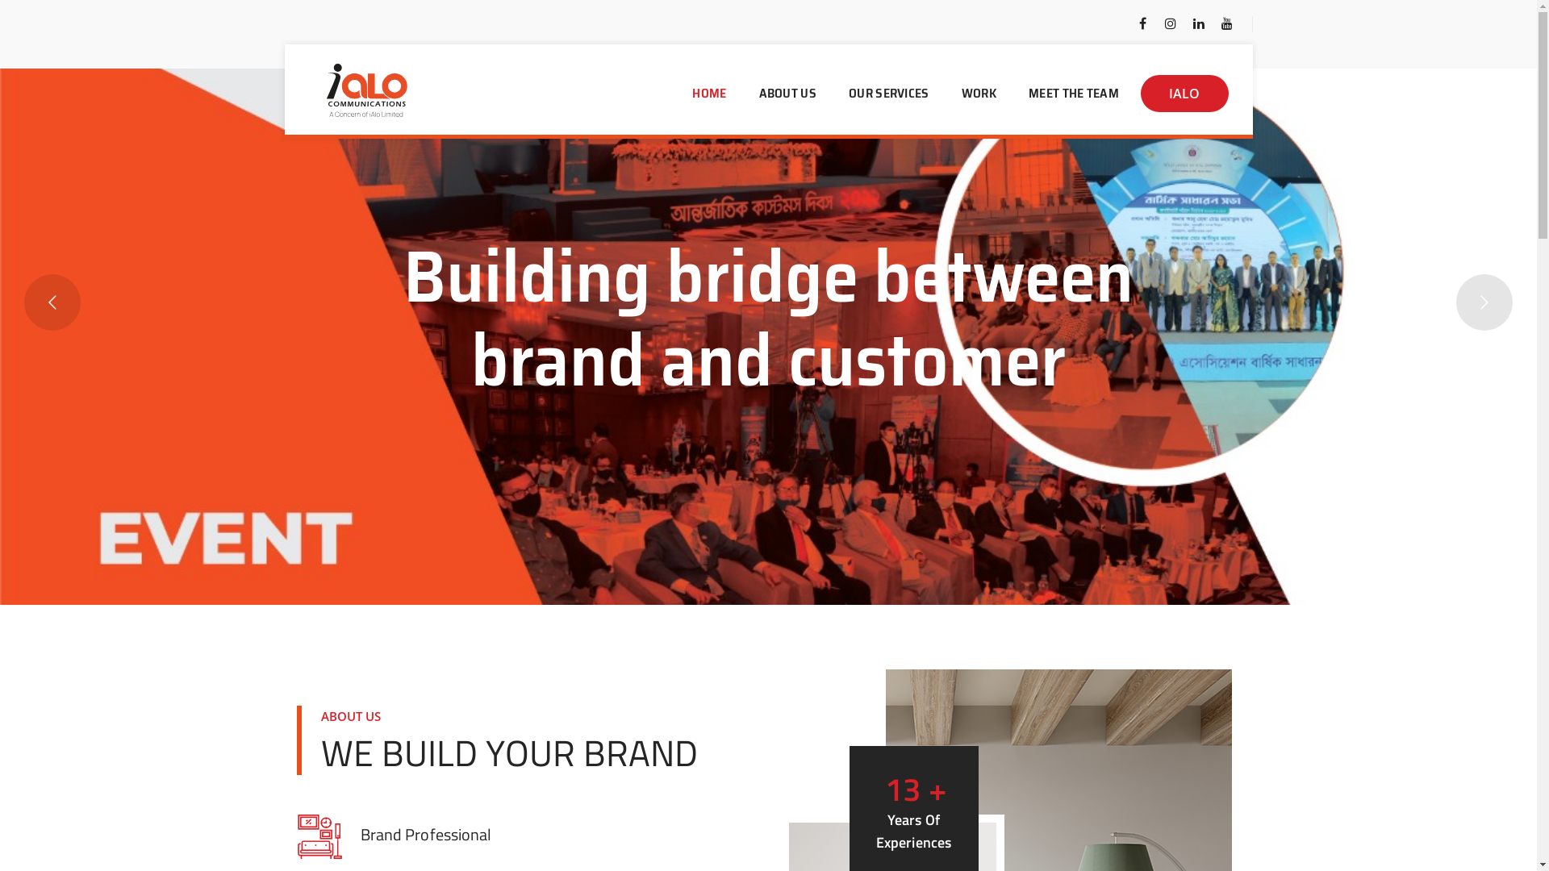 The width and height of the screenshot is (1549, 871). I want to click on 'ABOUT US', so click(787, 93).